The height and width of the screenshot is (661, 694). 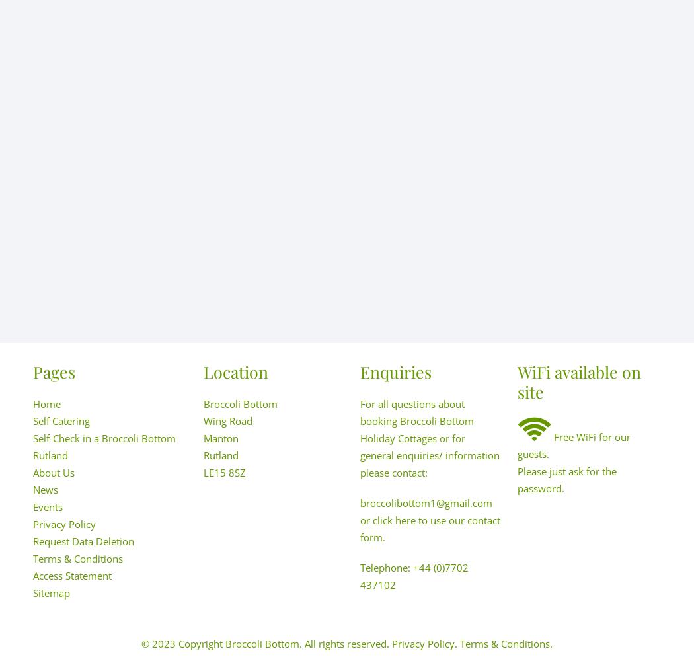 I want to click on 'Terms & Conditions.', so click(x=460, y=642).